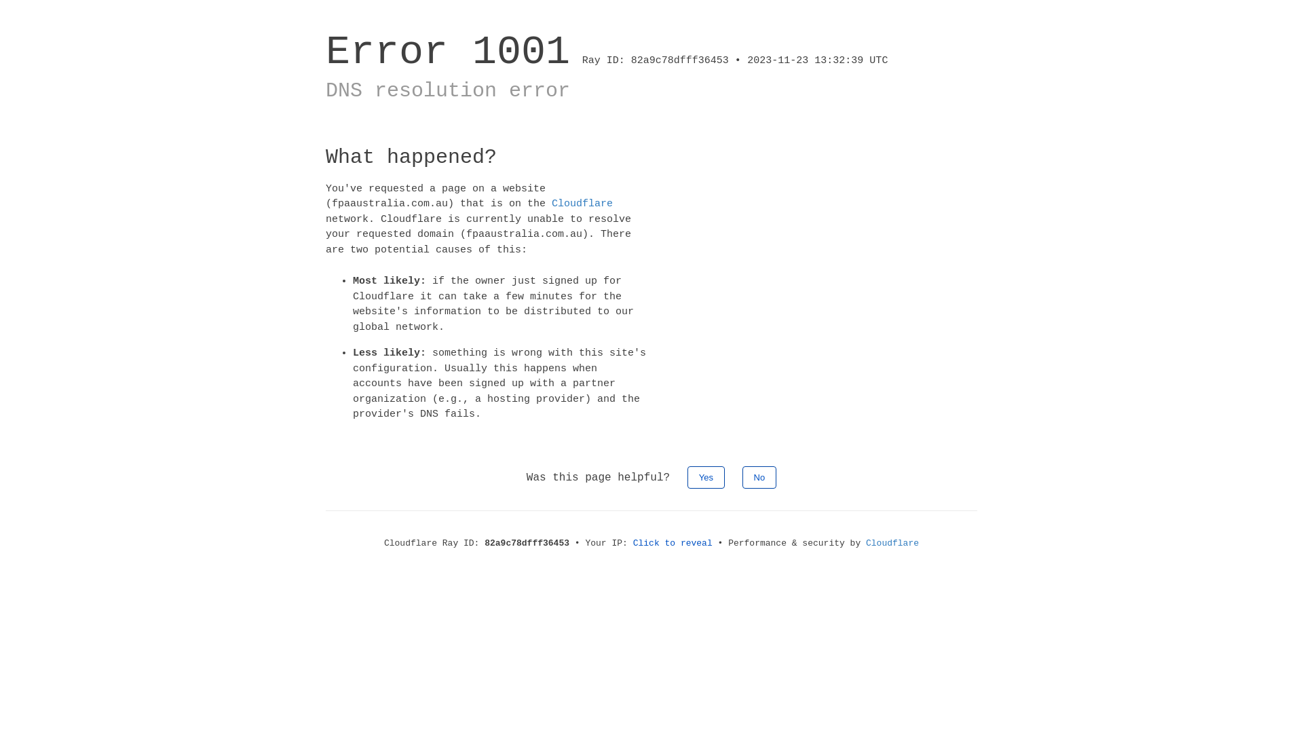 This screenshot has width=1303, height=733. Describe the element at coordinates (632, 542) in the screenshot. I see `'Click to reveal'` at that location.